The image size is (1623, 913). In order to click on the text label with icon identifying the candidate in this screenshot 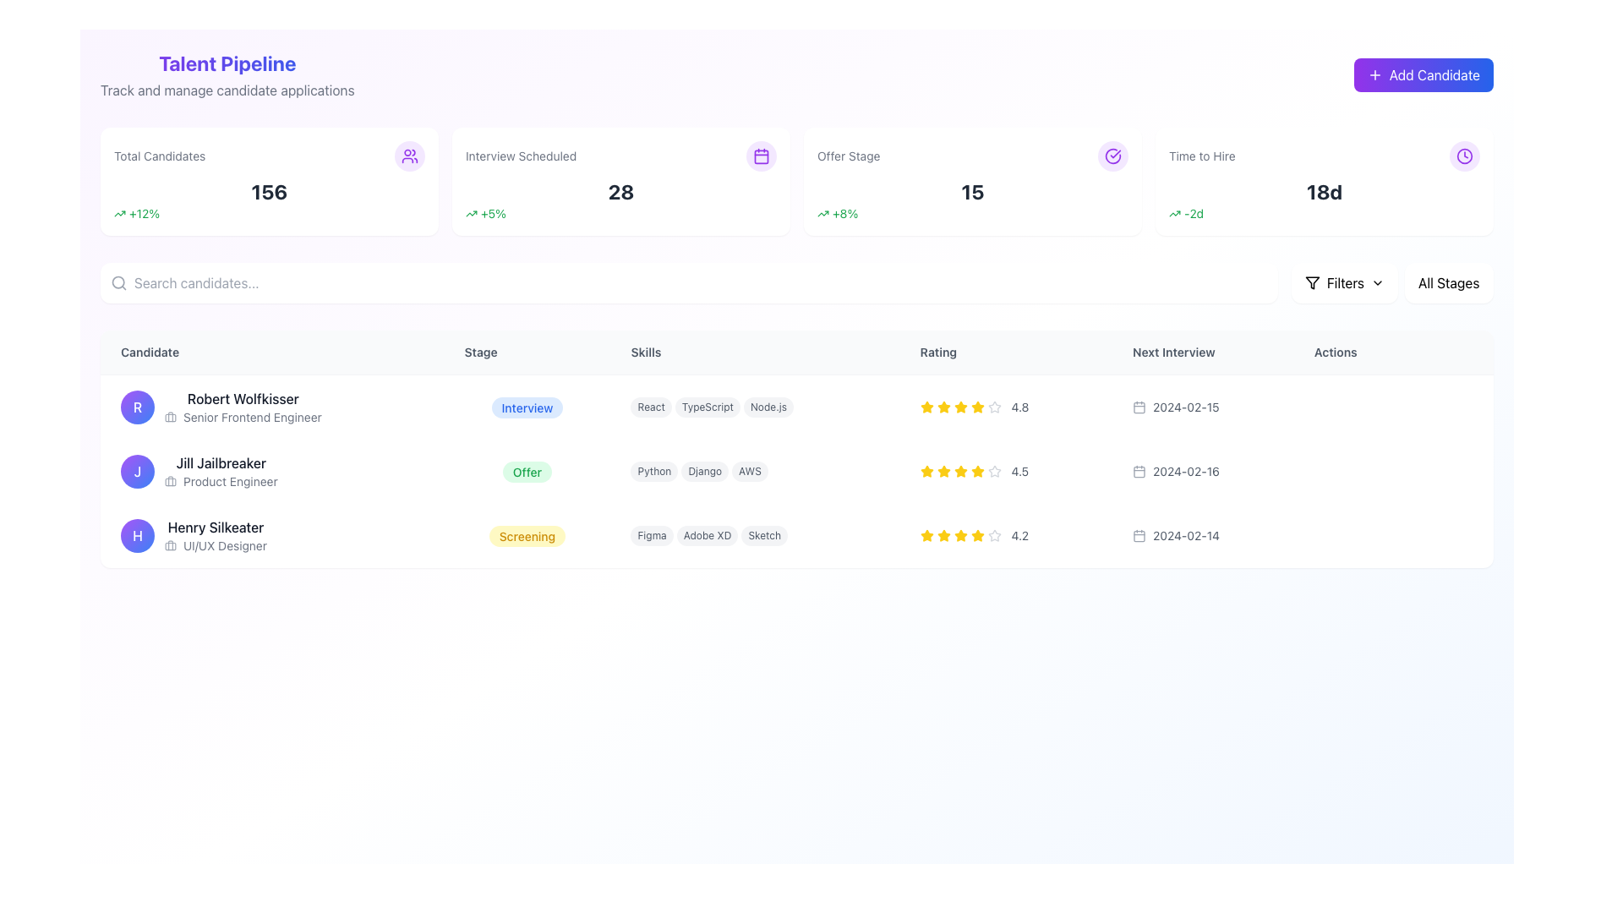, I will do `click(272, 407)`.